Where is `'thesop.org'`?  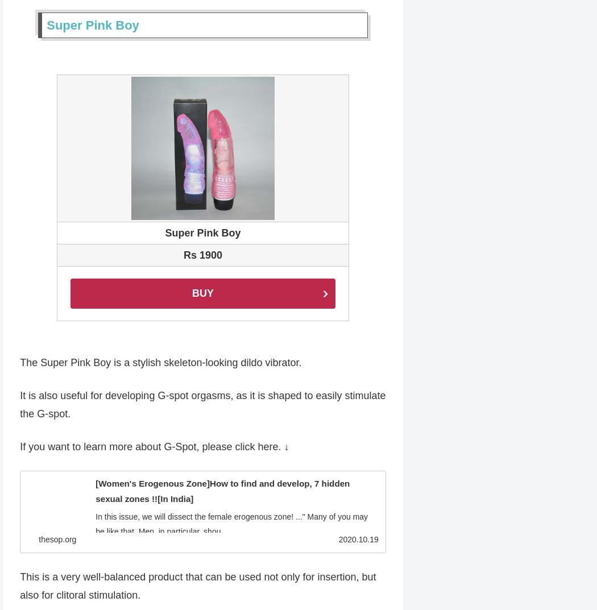
'thesop.org' is located at coordinates (57, 540).